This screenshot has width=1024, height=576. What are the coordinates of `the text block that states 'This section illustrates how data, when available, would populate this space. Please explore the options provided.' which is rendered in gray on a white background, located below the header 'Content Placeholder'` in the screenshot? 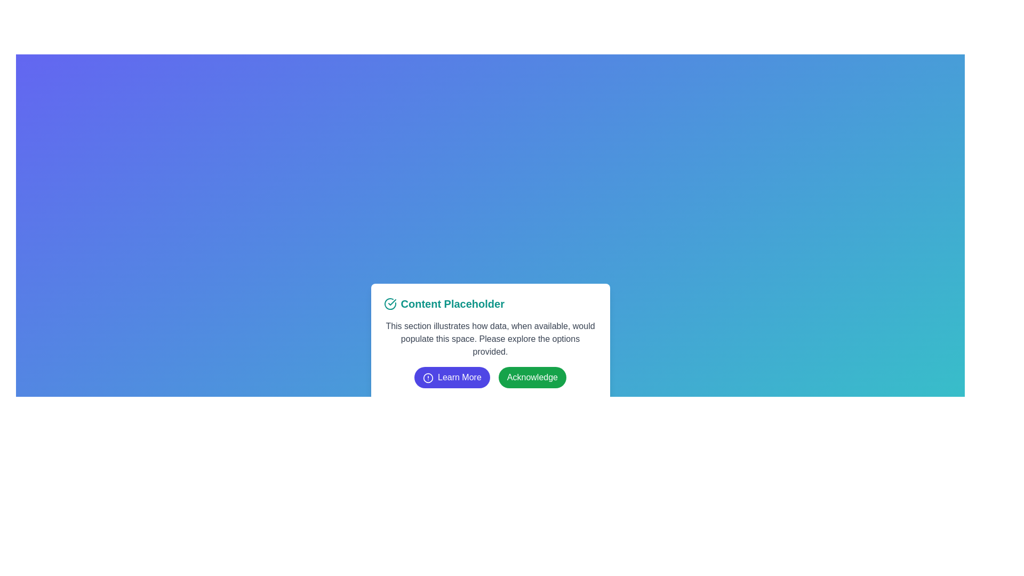 It's located at (490, 339).